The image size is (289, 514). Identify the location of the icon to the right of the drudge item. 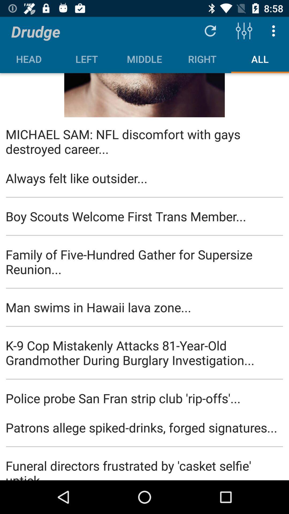
(210, 31).